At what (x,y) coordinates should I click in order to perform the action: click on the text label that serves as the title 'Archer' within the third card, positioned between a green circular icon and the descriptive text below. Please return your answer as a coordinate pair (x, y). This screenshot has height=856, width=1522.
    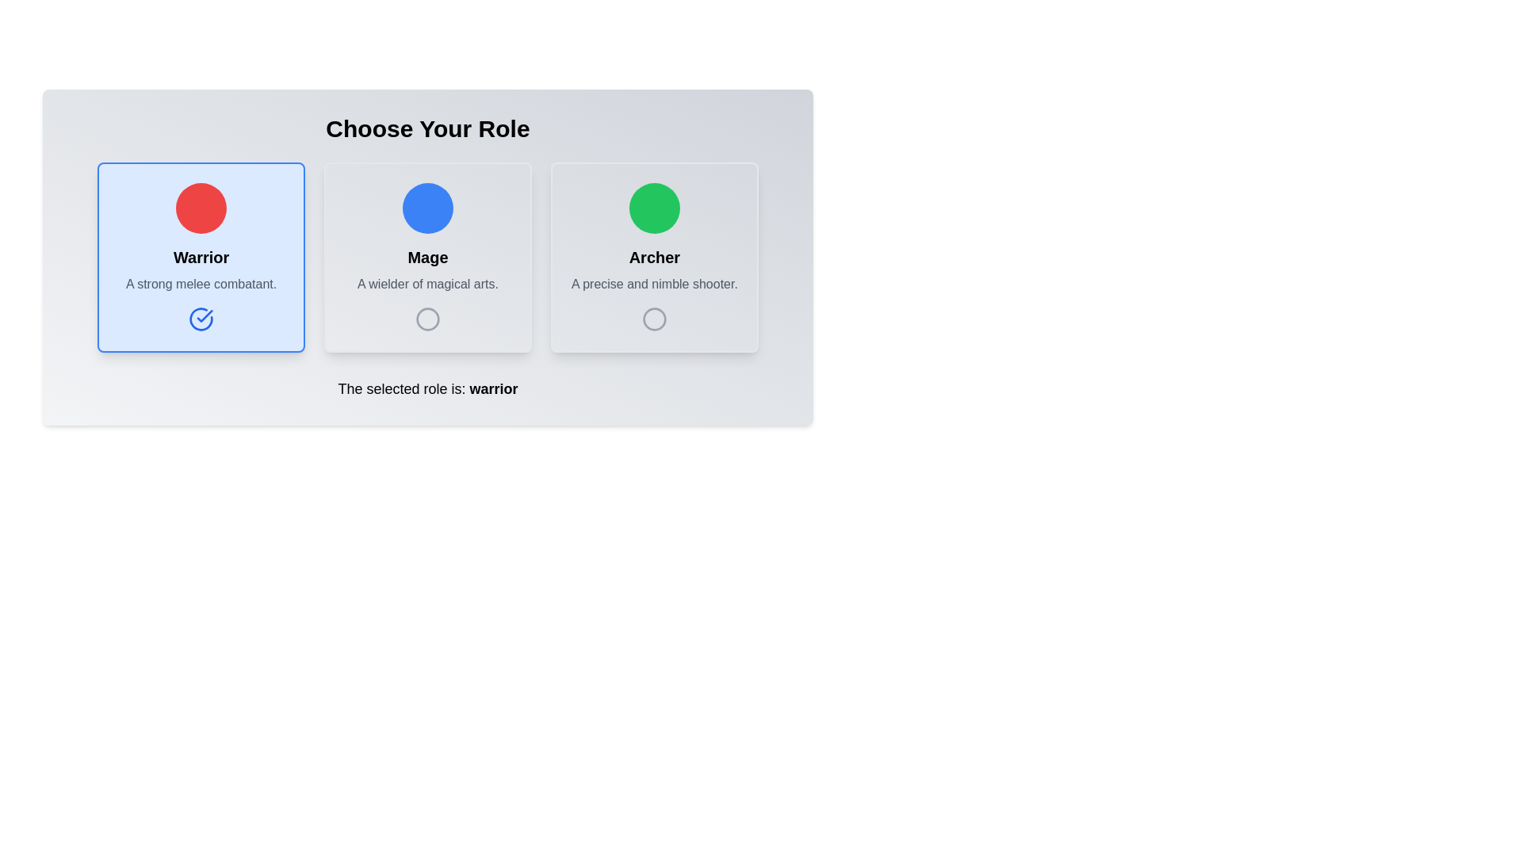
    Looking at the image, I should click on (654, 256).